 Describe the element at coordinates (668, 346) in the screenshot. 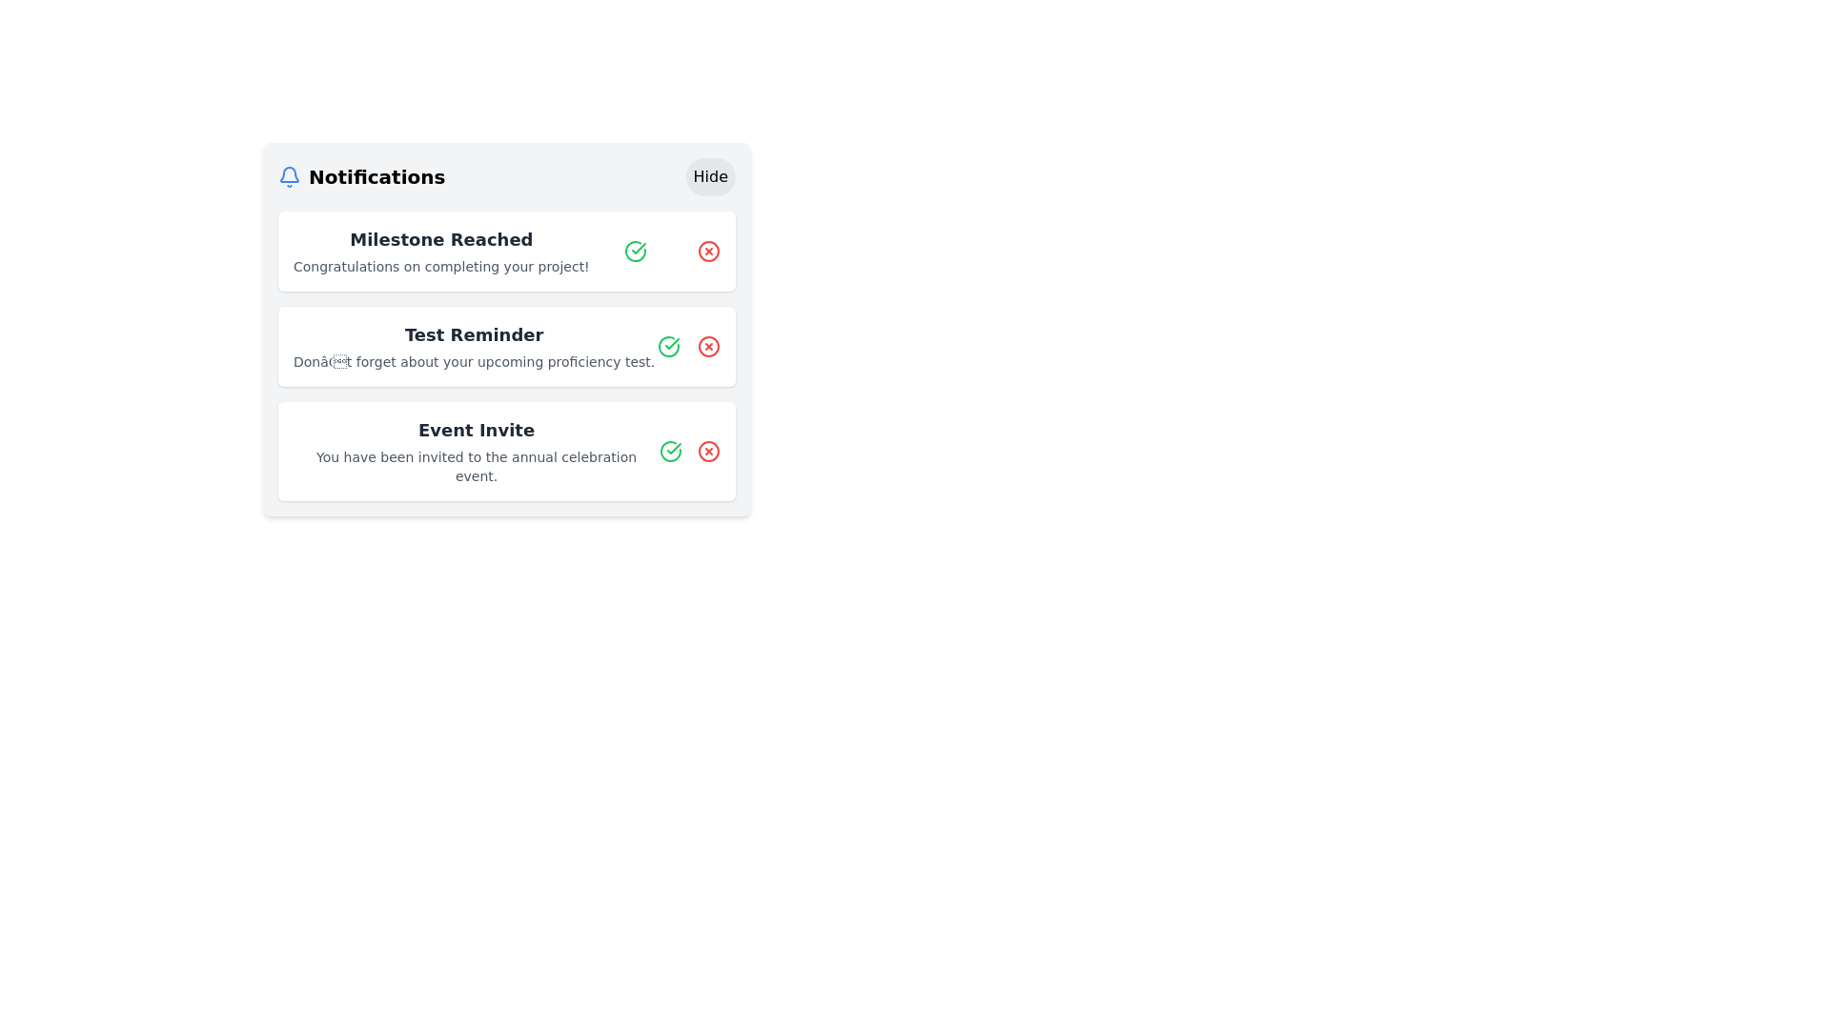

I see `the Interactive confirmation icon located in the second notification card titled 'Test Reminder'` at that location.